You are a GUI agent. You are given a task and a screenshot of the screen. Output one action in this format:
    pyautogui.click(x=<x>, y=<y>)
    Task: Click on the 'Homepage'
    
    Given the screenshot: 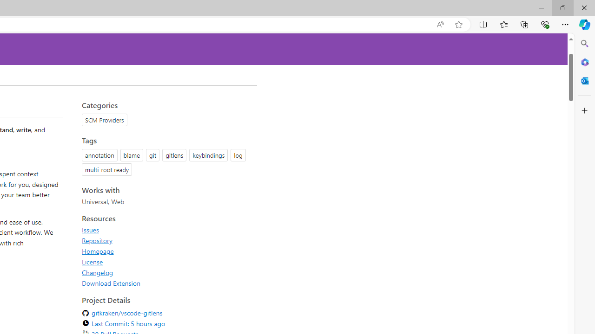 What is the action you would take?
    pyautogui.click(x=98, y=251)
    